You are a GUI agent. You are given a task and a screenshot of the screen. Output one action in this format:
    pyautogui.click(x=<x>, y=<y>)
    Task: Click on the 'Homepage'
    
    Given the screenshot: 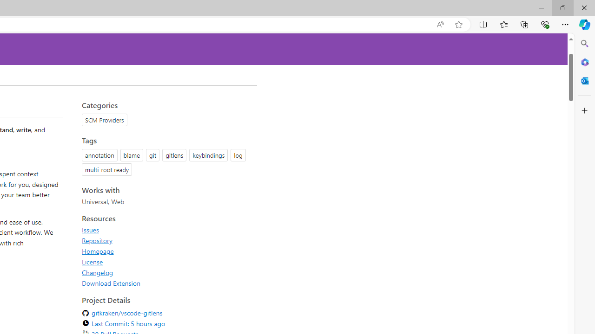 What is the action you would take?
    pyautogui.click(x=98, y=251)
    